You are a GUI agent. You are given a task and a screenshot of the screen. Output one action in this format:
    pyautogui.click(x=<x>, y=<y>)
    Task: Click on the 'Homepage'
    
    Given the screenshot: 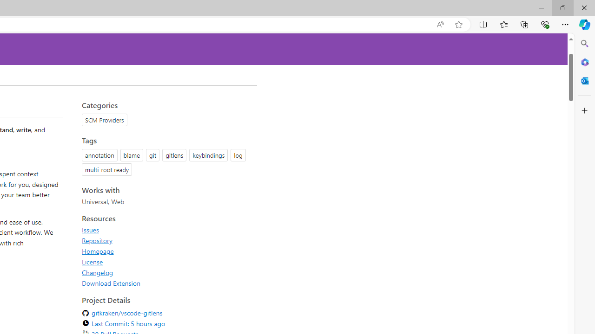 What is the action you would take?
    pyautogui.click(x=98, y=251)
    